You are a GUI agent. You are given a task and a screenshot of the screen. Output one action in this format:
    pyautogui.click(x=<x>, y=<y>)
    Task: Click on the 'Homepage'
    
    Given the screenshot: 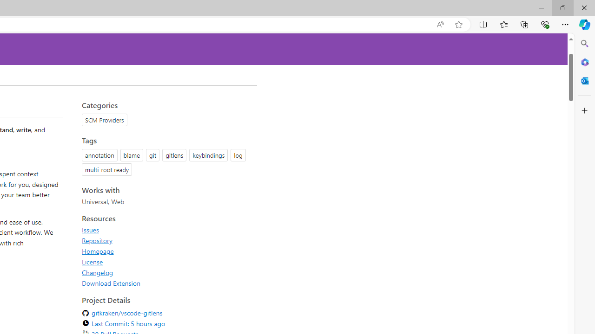 What is the action you would take?
    pyautogui.click(x=98, y=251)
    